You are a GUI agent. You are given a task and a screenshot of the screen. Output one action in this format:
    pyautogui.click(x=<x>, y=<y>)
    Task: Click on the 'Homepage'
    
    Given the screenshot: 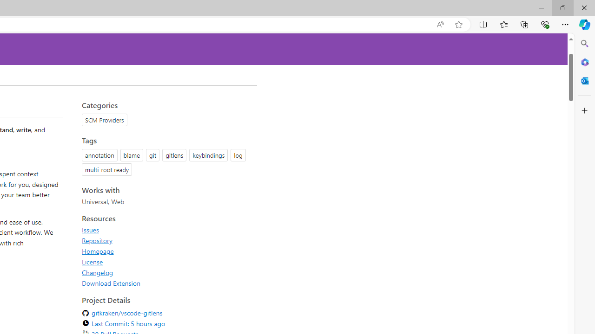 What is the action you would take?
    pyautogui.click(x=98, y=251)
    